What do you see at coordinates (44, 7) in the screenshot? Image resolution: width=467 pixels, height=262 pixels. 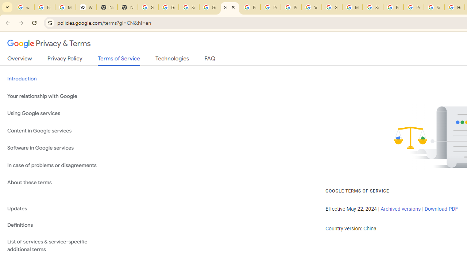 I see `'Personalization & Google Search results - Google Search Help'` at bounding box center [44, 7].